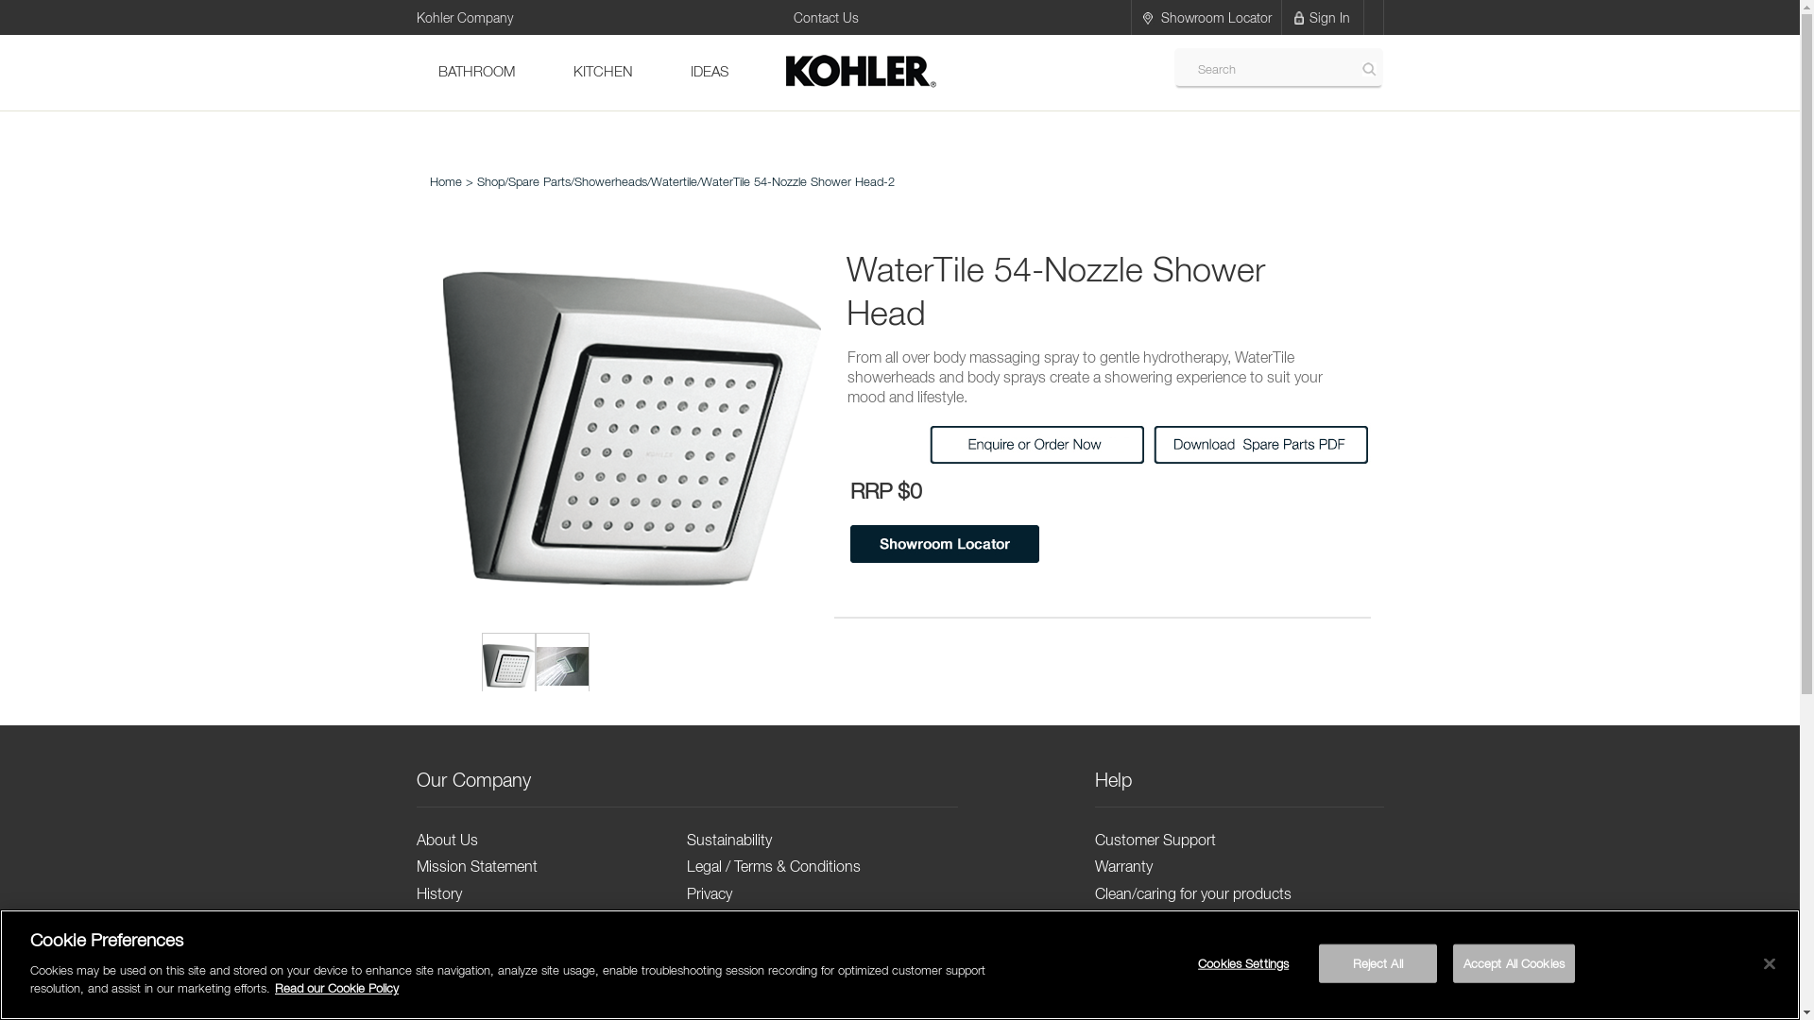  Describe the element at coordinates (463, 15) in the screenshot. I see `'Kohler Company'` at that location.